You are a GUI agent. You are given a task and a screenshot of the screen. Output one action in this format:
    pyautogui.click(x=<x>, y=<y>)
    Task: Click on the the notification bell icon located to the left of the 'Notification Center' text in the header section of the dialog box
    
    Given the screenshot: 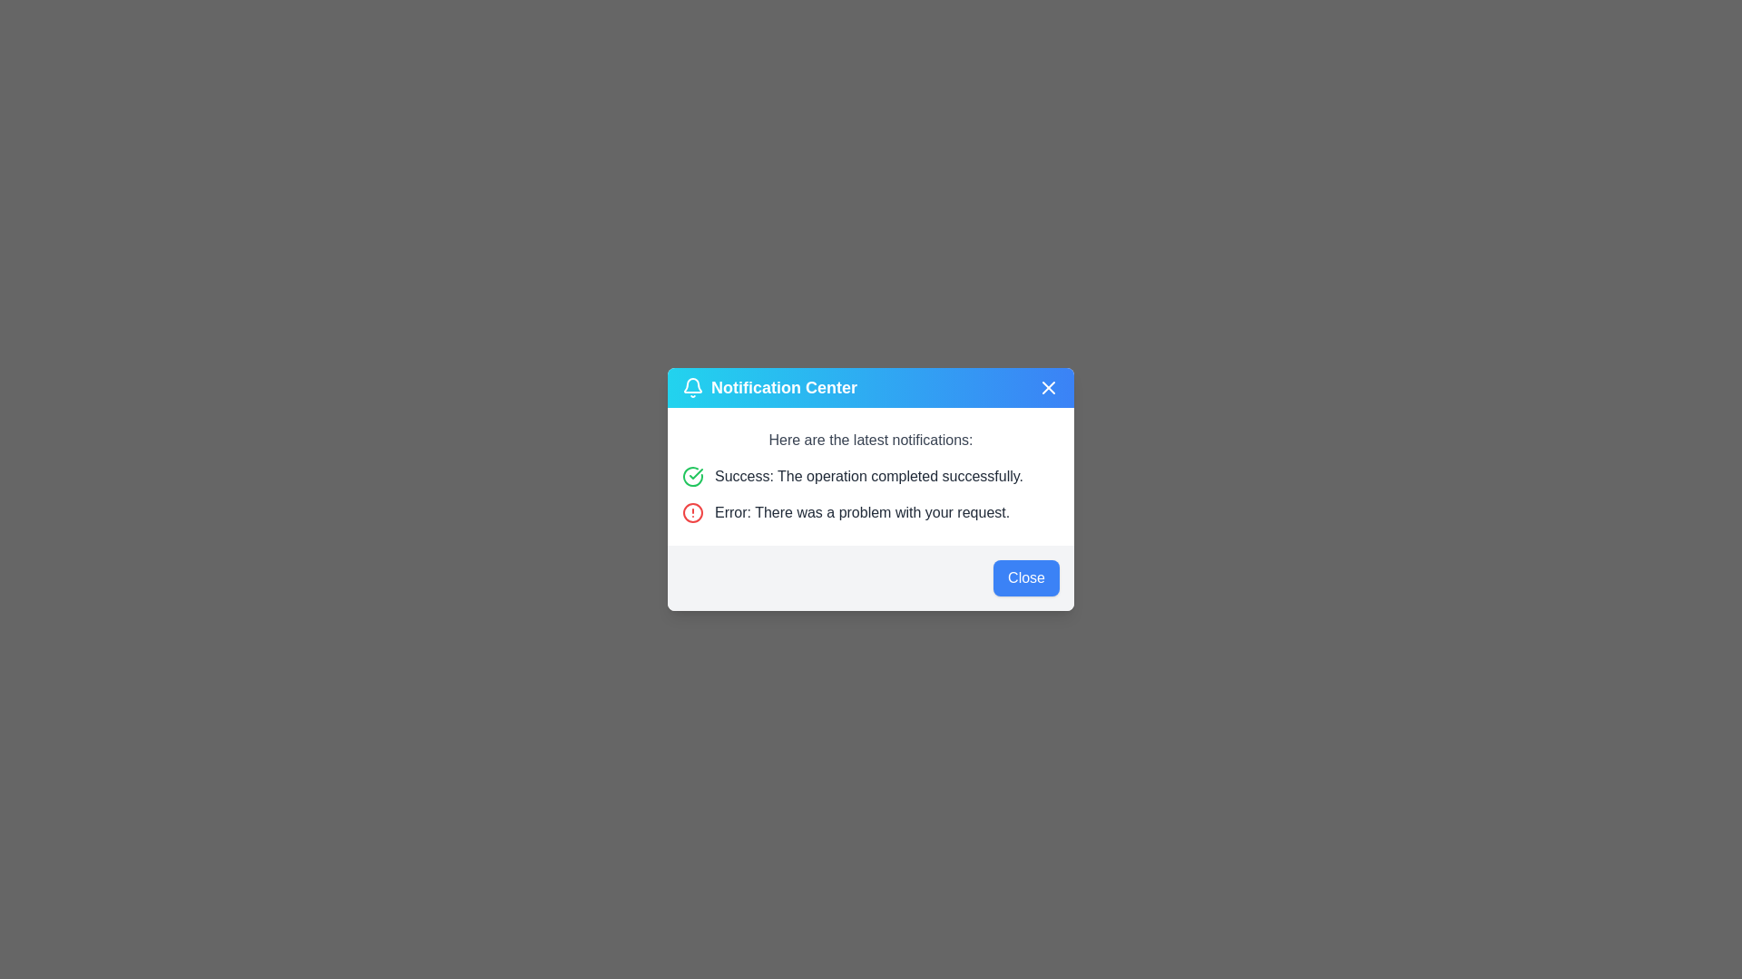 What is the action you would take?
    pyautogui.click(x=691, y=387)
    